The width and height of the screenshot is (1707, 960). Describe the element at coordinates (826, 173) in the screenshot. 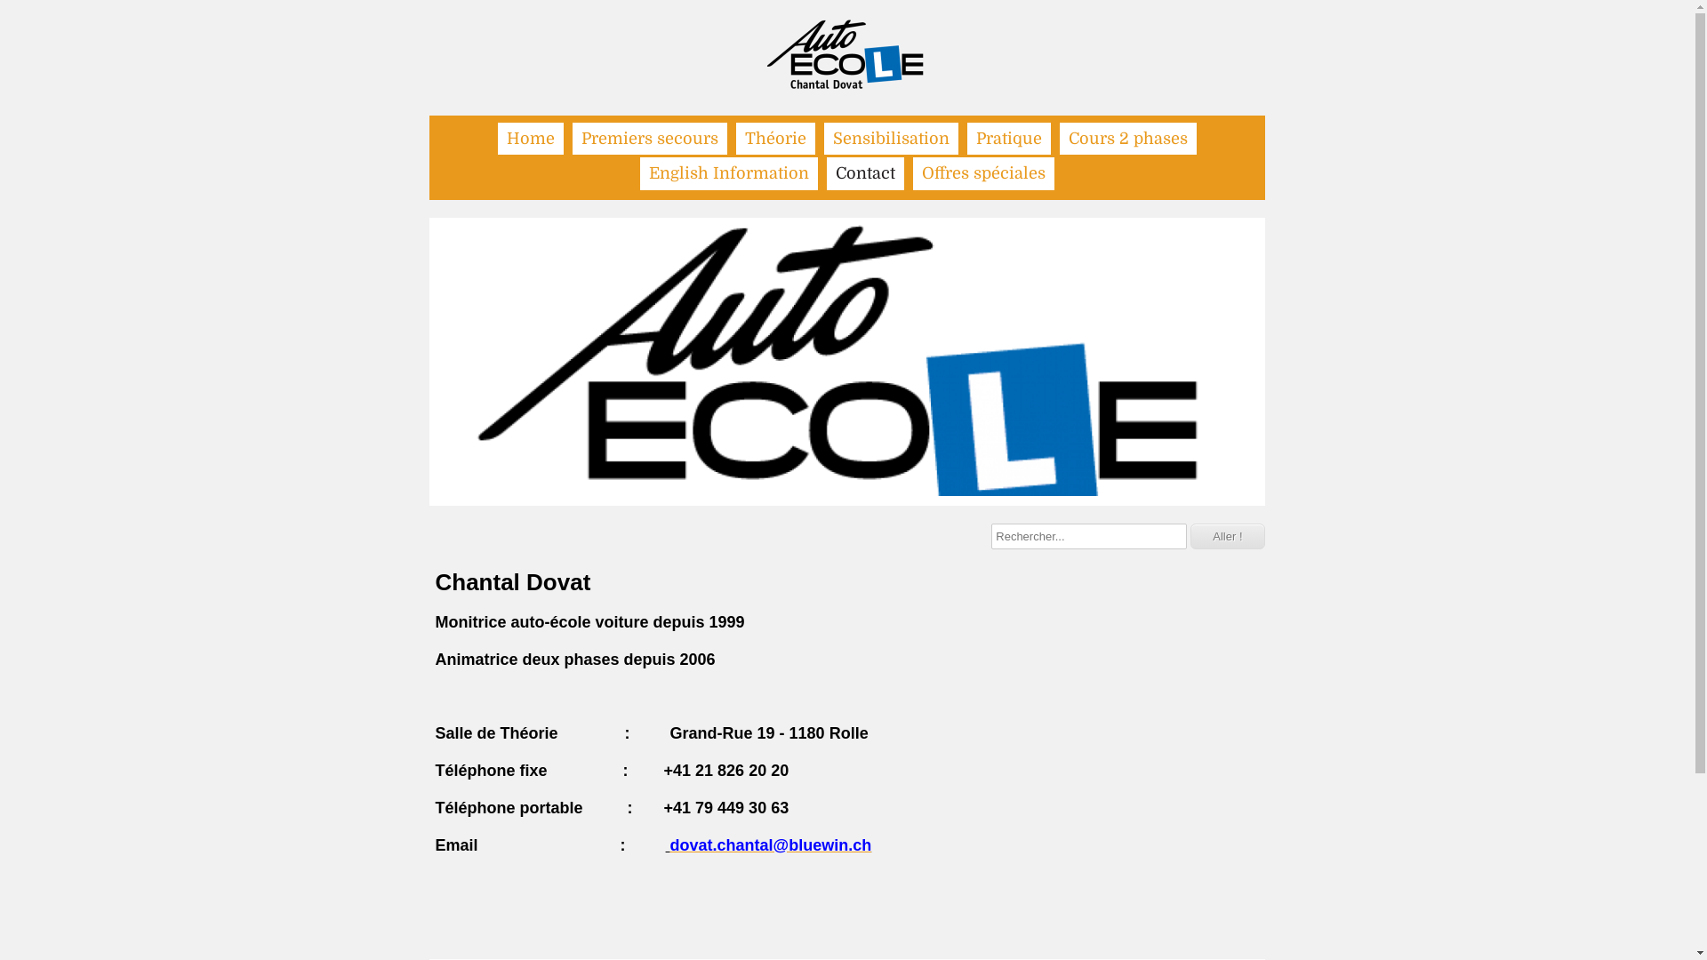

I see `'Contact'` at that location.